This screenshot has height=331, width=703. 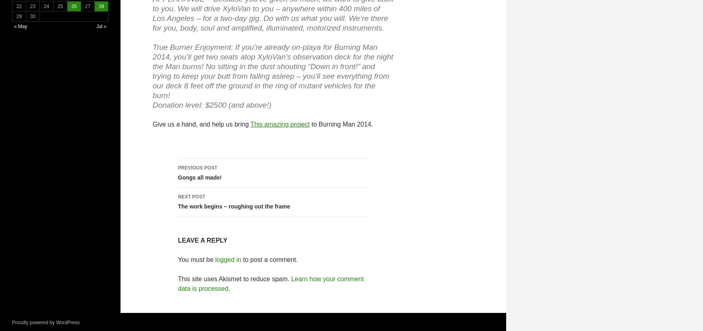 I want to click on '« May', so click(x=20, y=27).